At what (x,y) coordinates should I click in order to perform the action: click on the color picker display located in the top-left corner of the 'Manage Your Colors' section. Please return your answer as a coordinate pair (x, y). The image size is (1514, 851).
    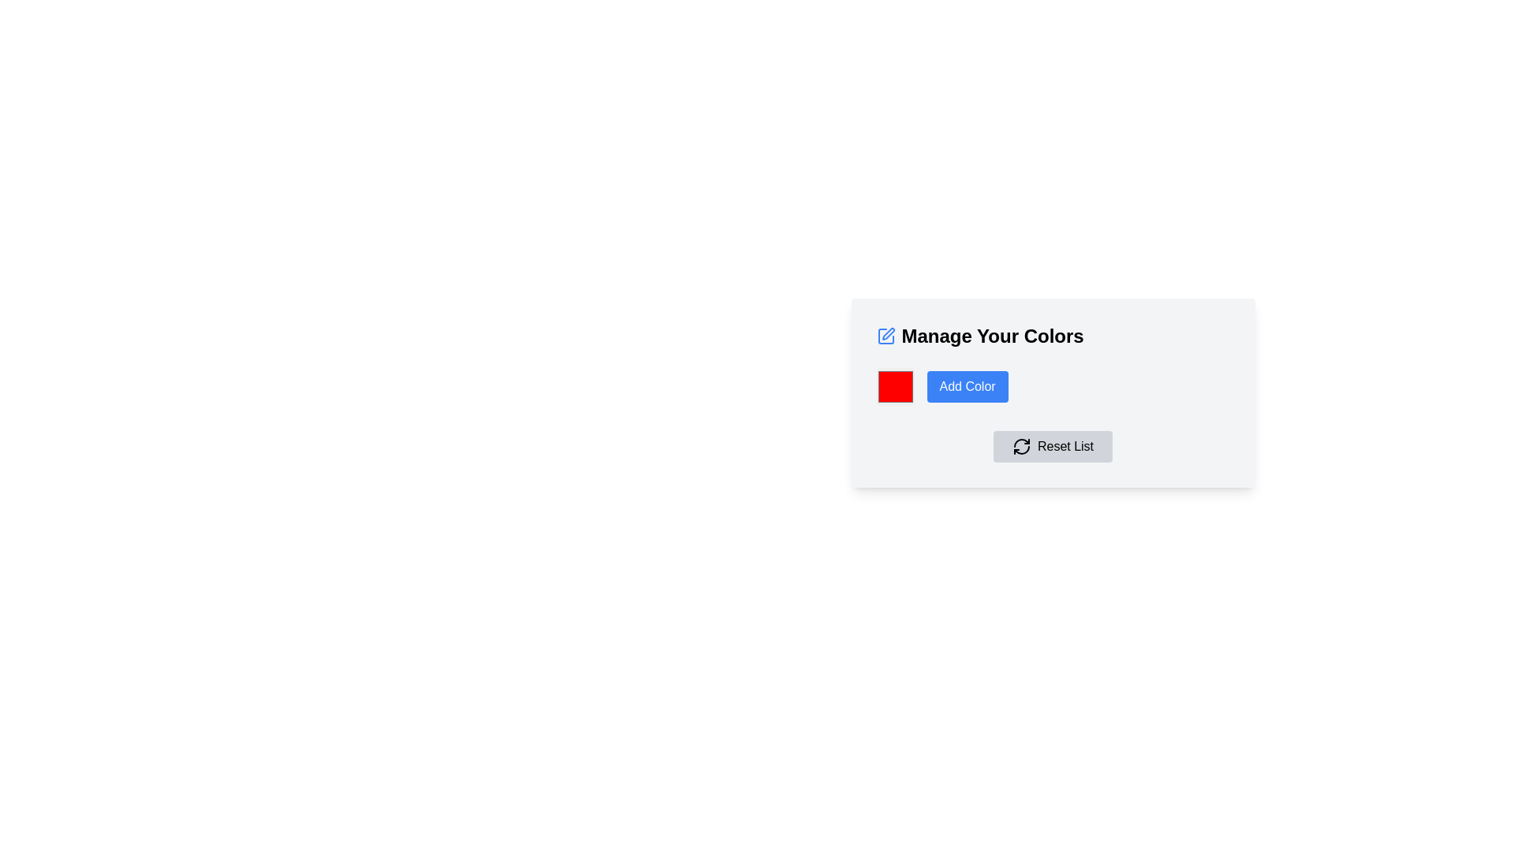
    Looking at the image, I should click on (895, 386).